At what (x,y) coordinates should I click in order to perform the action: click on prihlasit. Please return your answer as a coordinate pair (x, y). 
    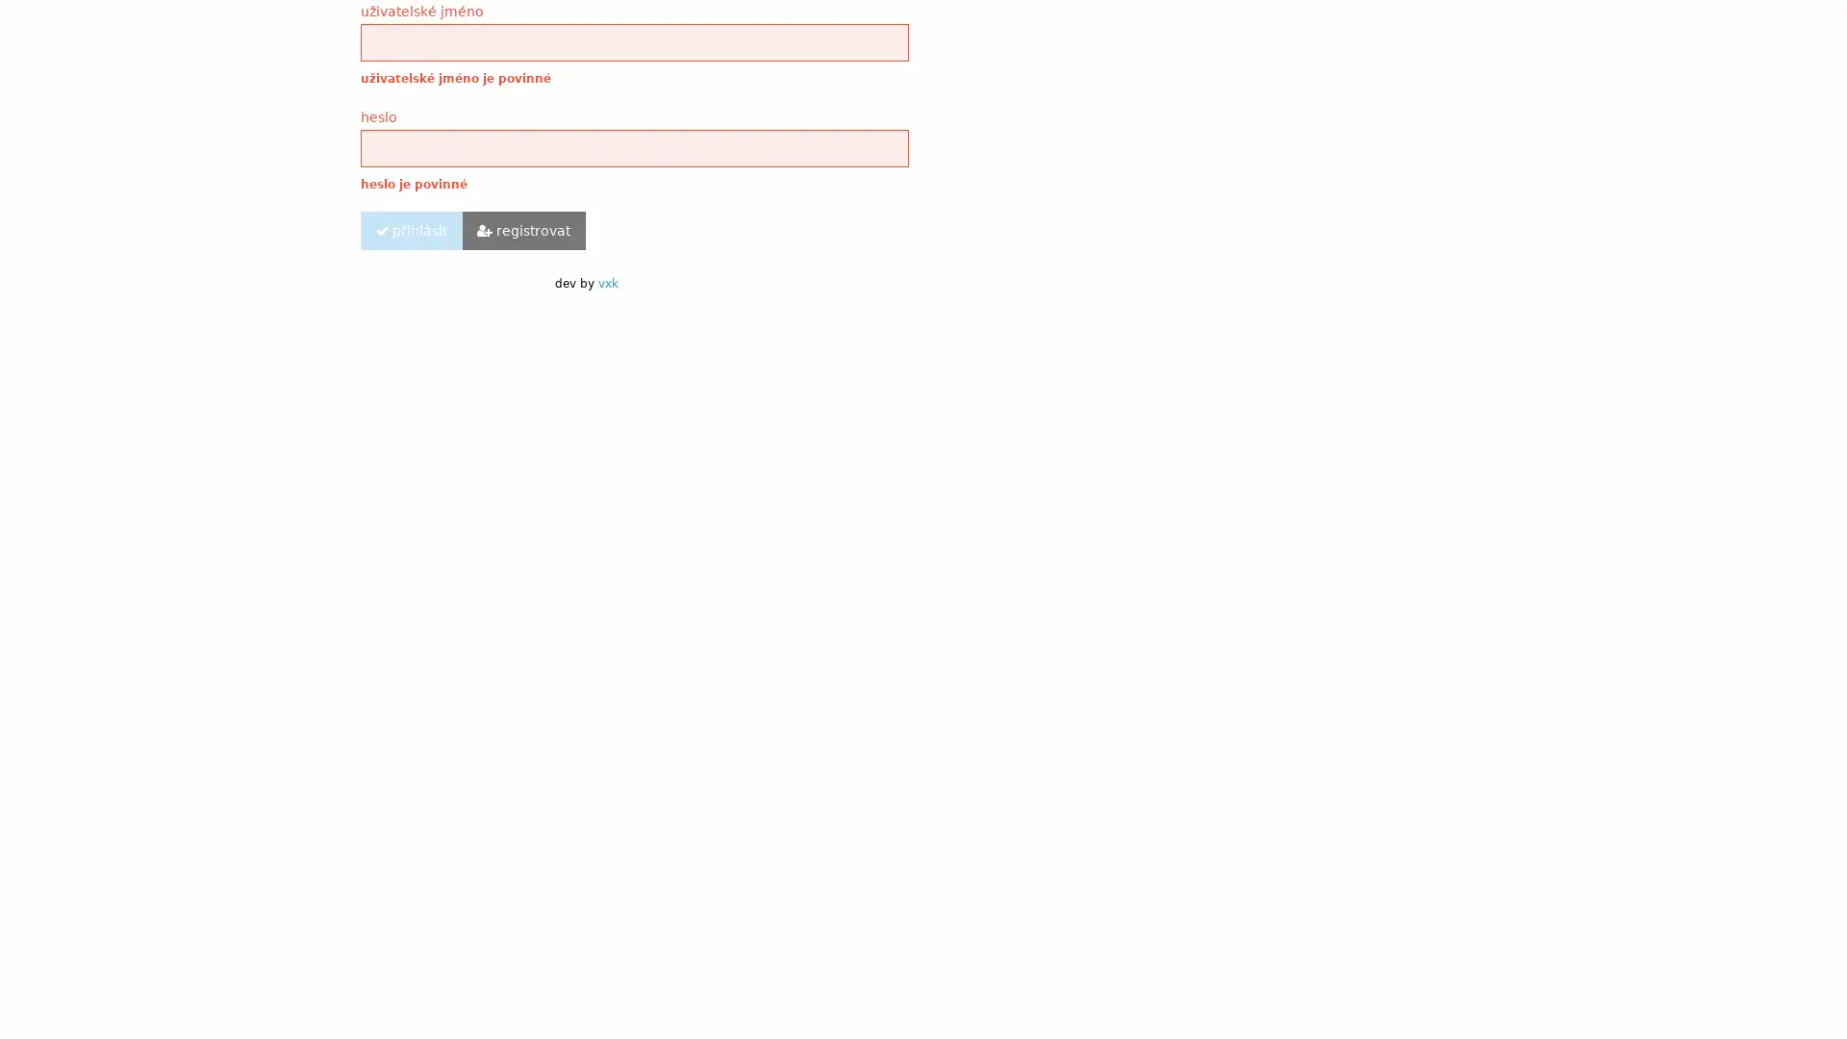
    Looking at the image, I should click on (410, 229).